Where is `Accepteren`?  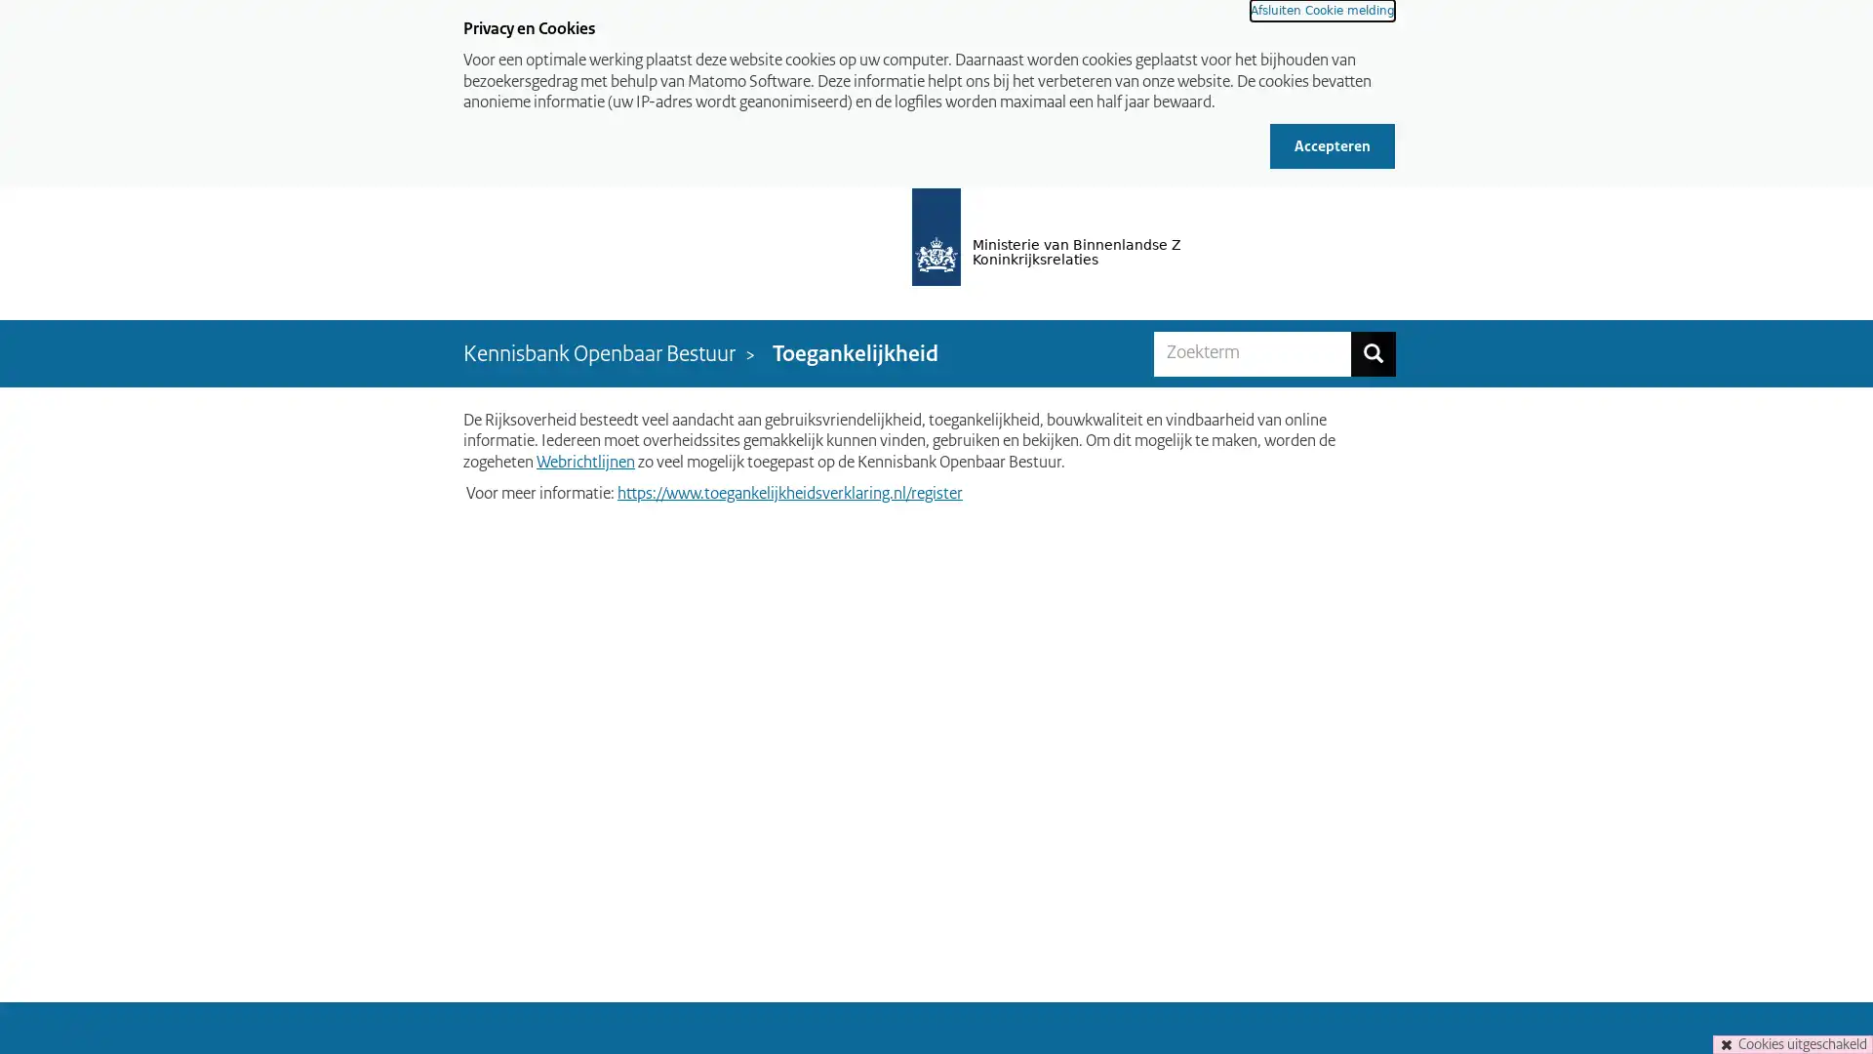
Accepteren is located at coordinates (1332, 144).